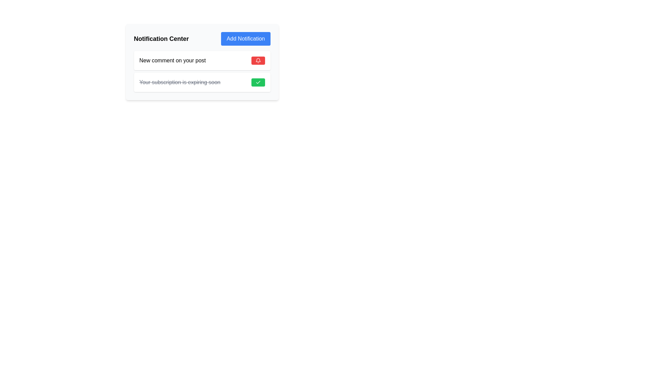 This screenshot has width=655, height=368. I want to click on the notification icon button with a red background and rounded corners, located to the right of the text 'New comment on your post', so click(258, 60).